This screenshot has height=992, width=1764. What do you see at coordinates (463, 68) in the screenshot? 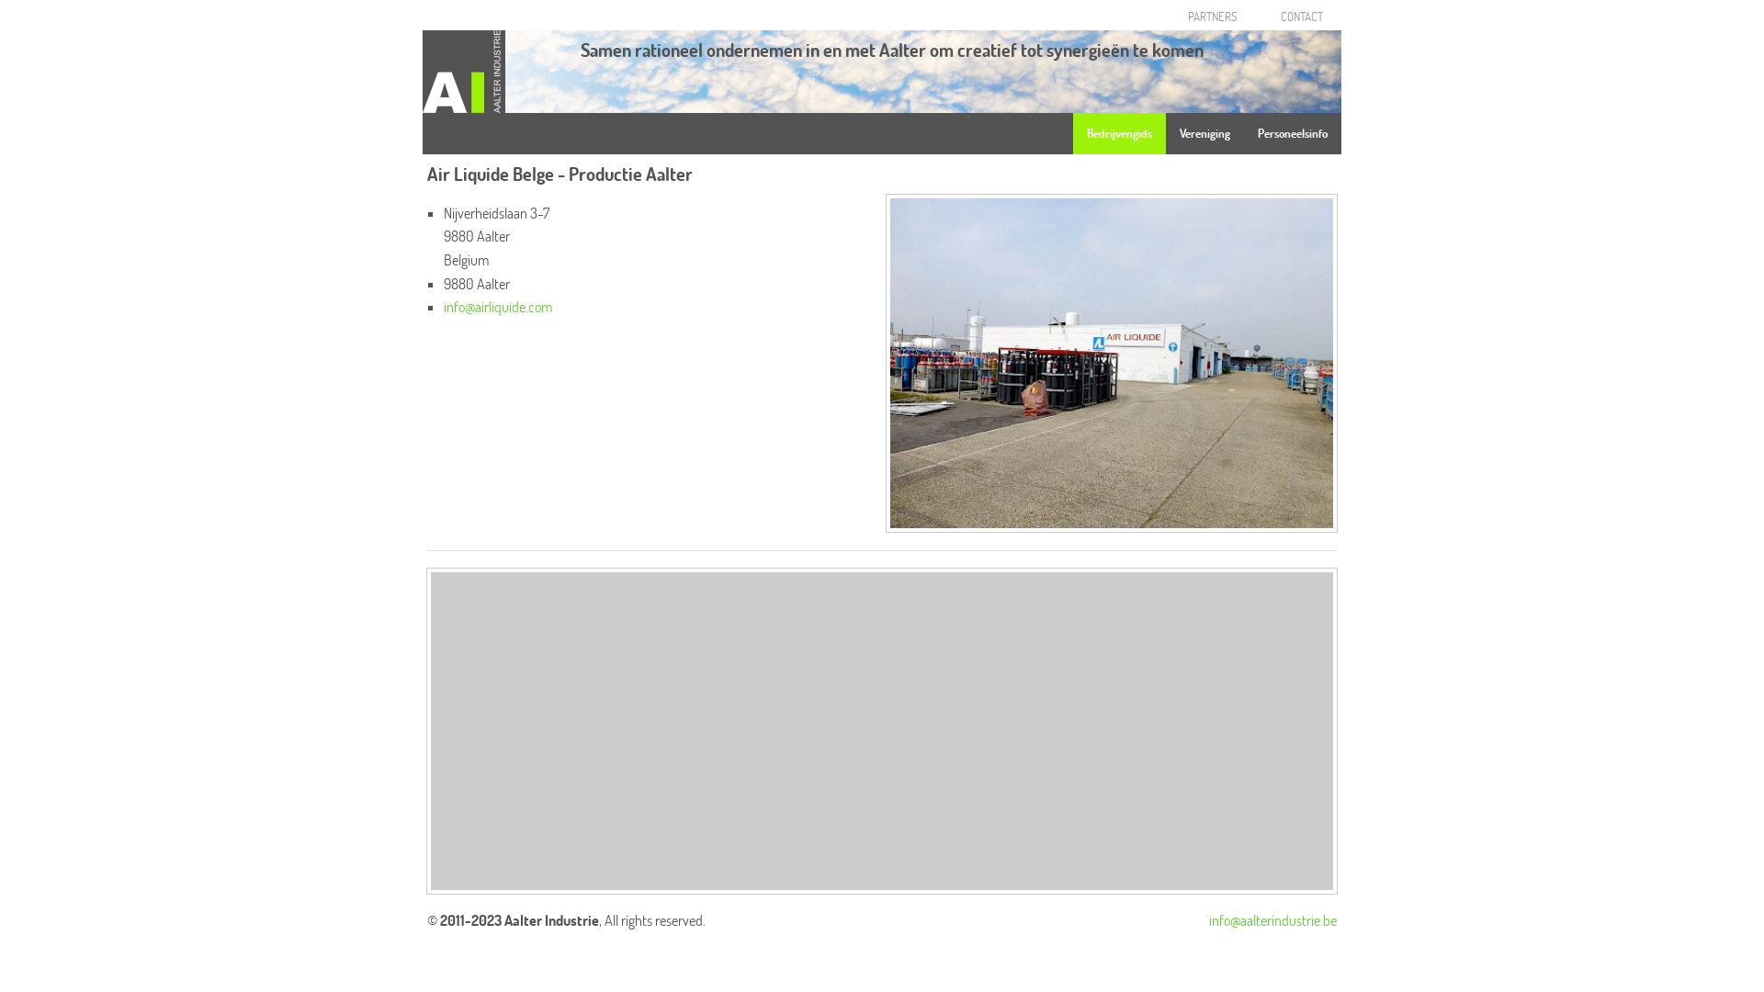
I see `'Aalter Industrie'` at bounding box center [463, 68].